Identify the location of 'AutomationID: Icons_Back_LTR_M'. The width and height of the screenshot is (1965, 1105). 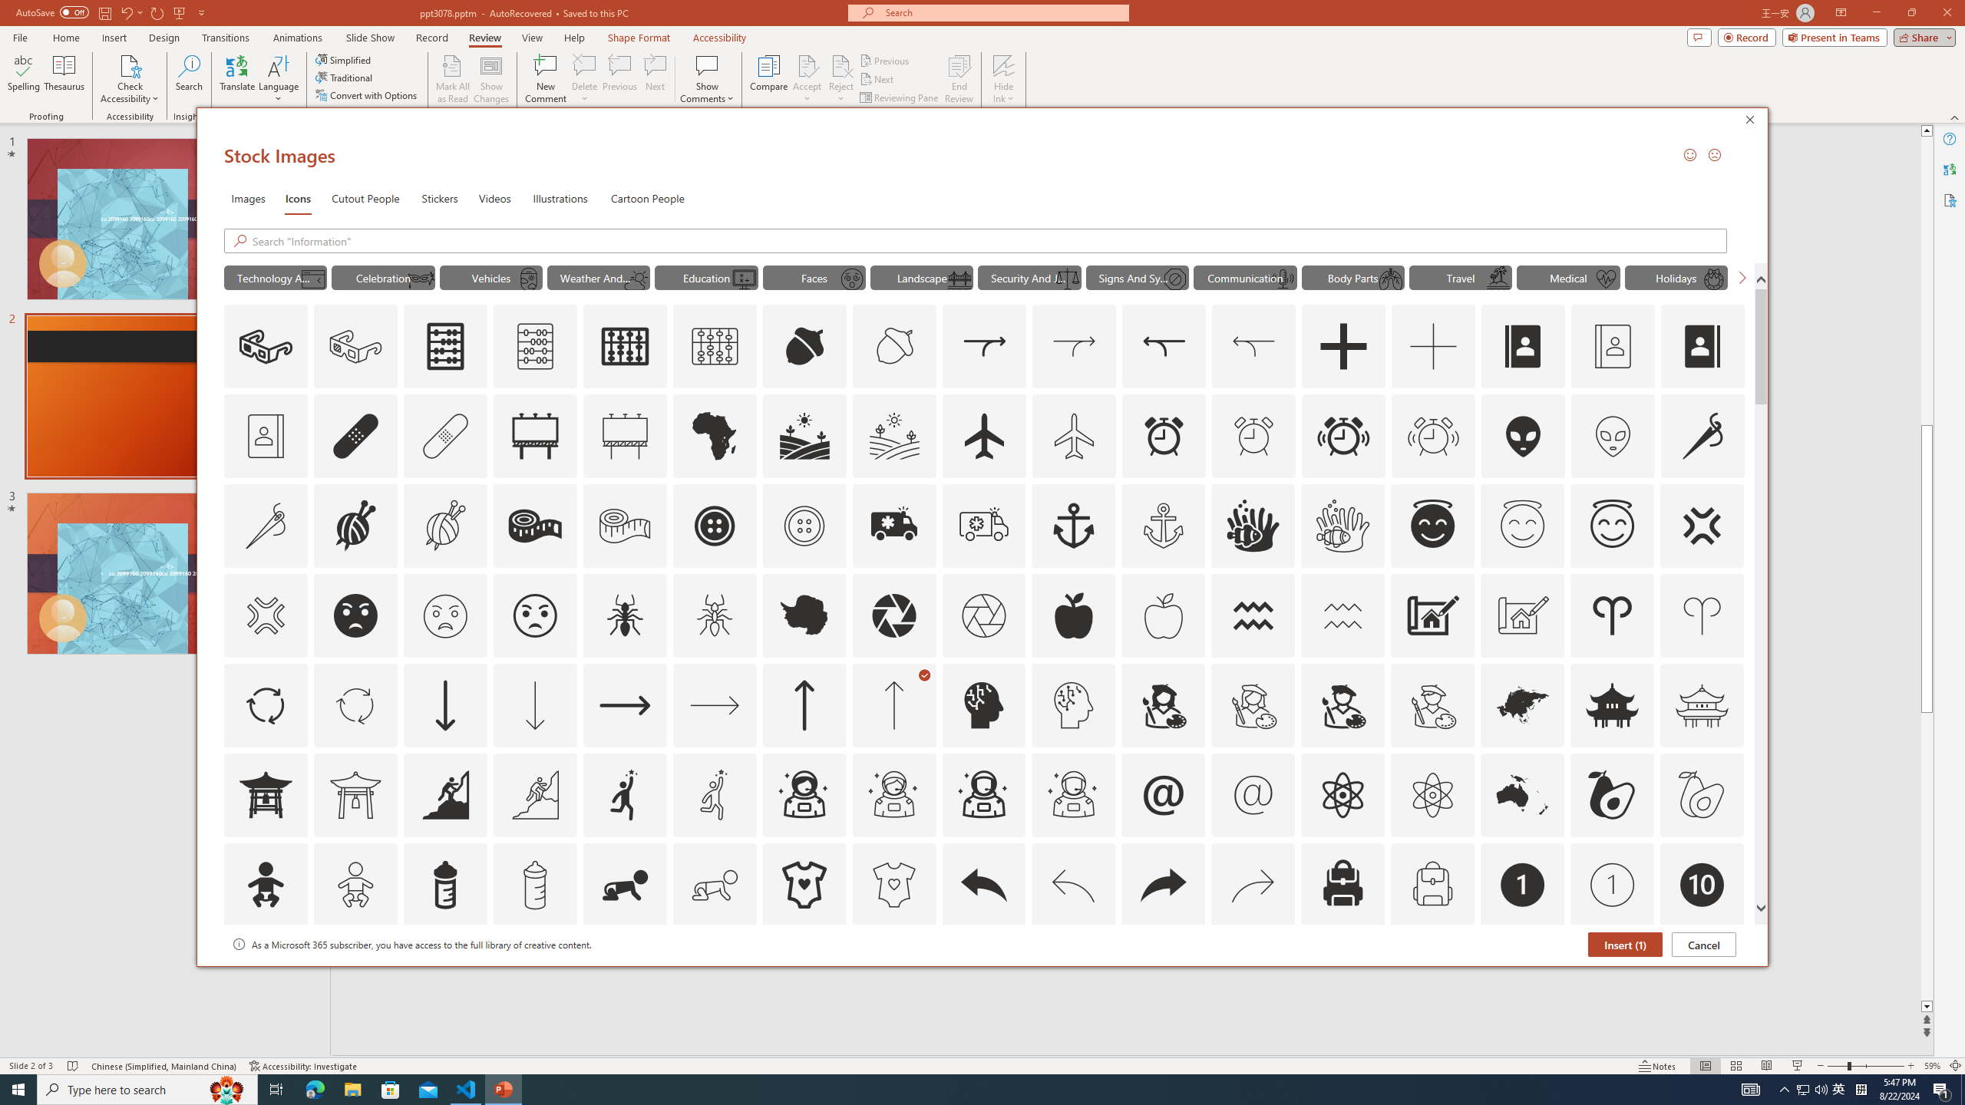
(1073, 884).